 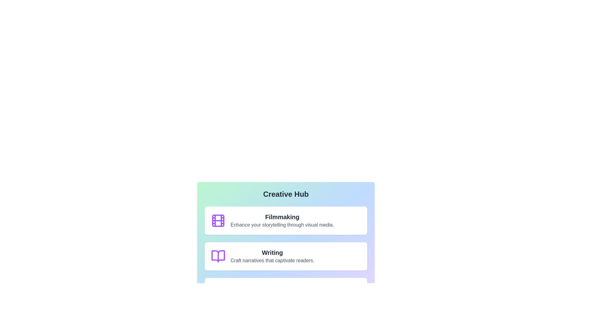 I want to click on the icon associated with Writing, so click(x=218, y=256).